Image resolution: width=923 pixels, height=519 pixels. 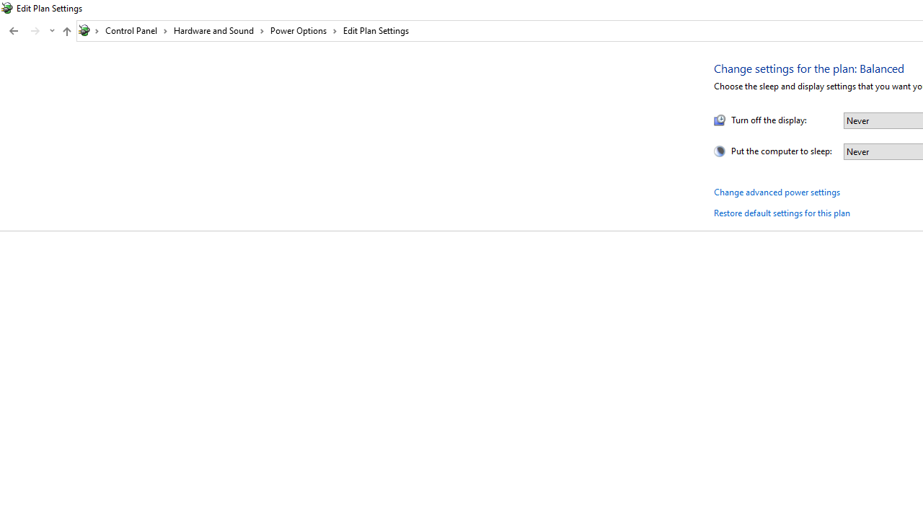 I want to click on 'All locations', so click(x=89, y=30).